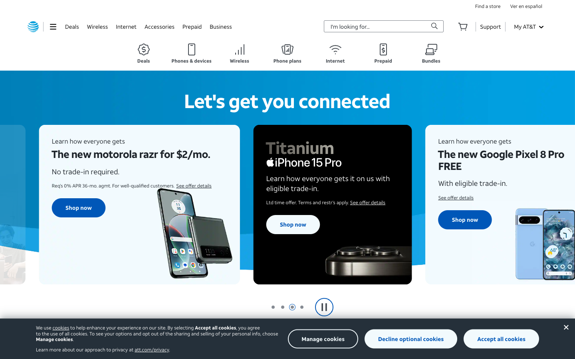 This screenshot has height=359, width=575. I want to click on Inspect the Motorola Razr deal, so click(75, 214).